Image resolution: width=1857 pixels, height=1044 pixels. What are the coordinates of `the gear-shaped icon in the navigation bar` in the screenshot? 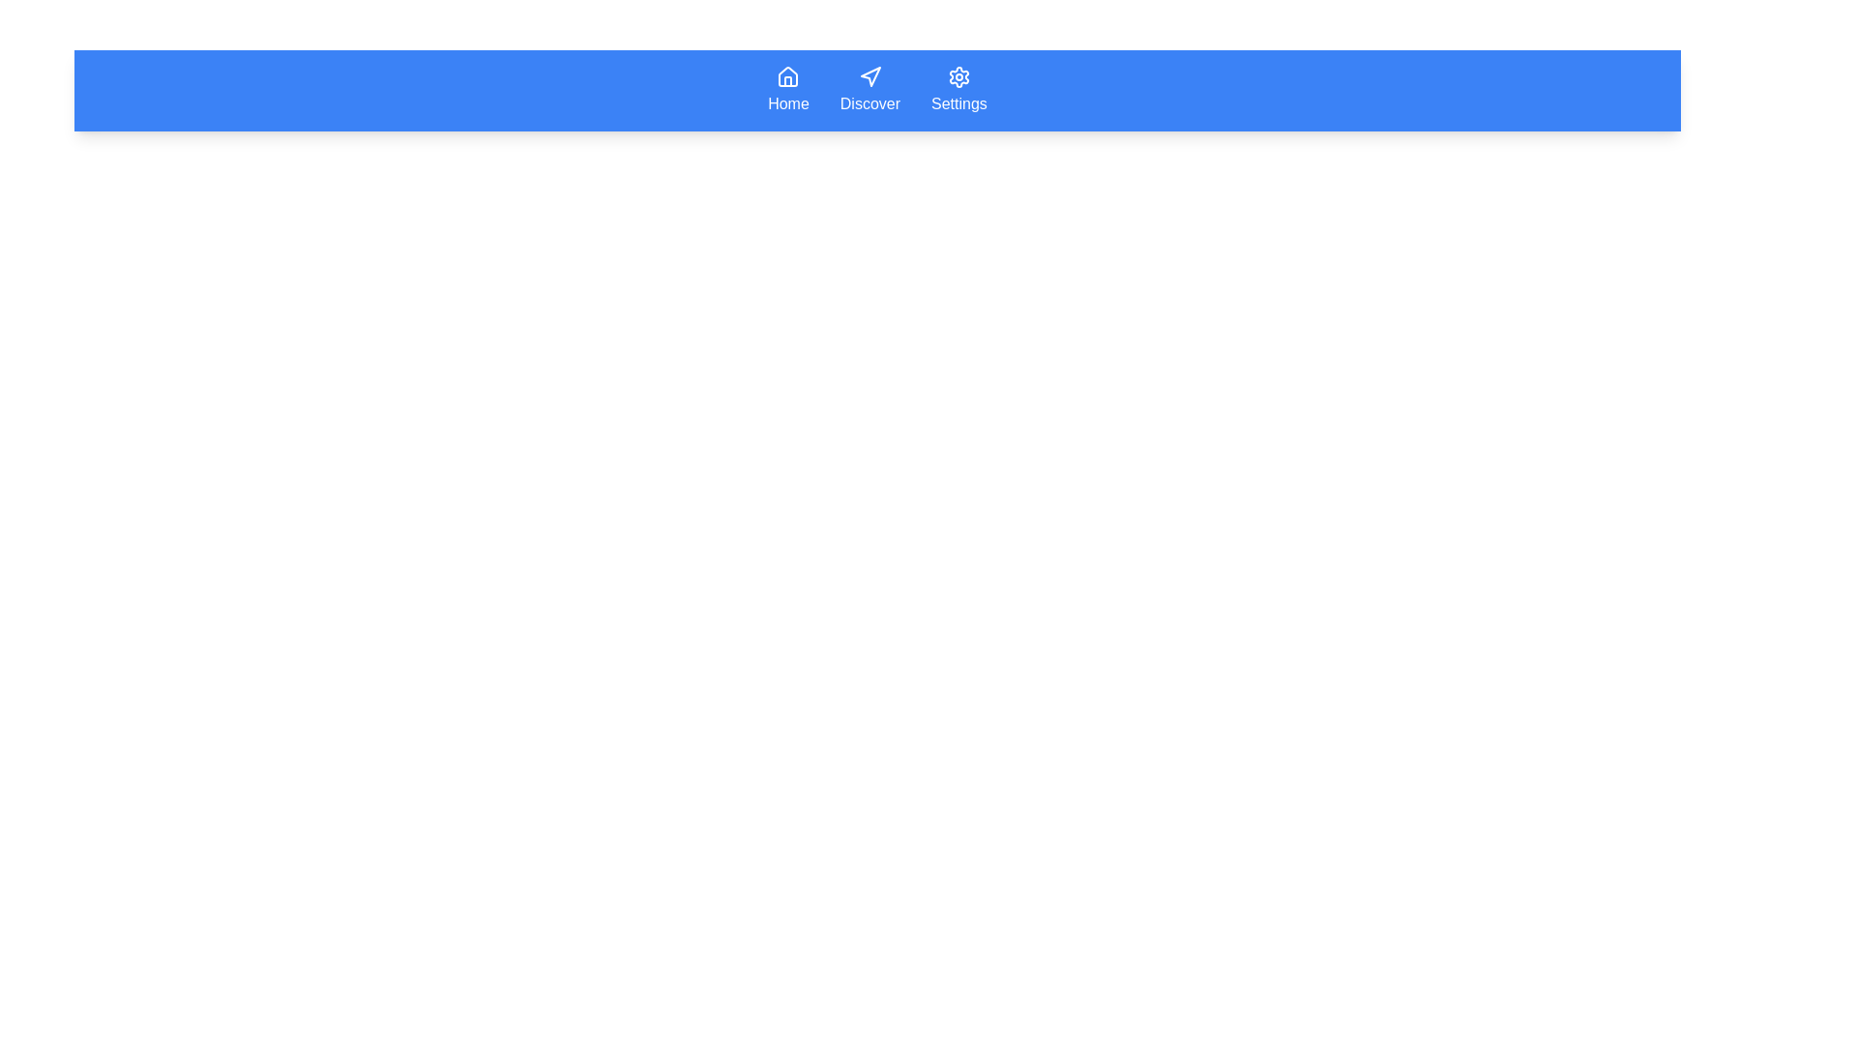 It's located at (958, 76).